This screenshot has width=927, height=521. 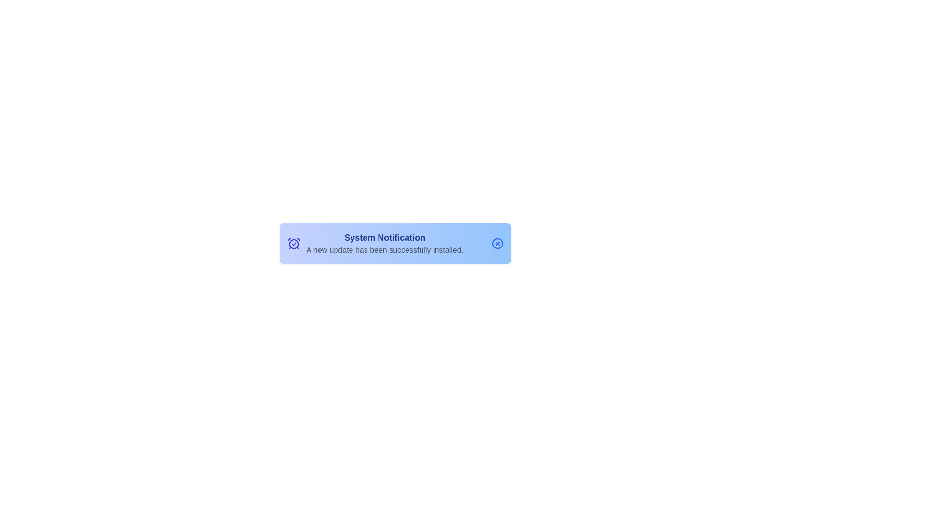 I want to click on the indigo-colored alarm clock icon located on the left side of the 'System Notification' box, so click(x=293, y=243).